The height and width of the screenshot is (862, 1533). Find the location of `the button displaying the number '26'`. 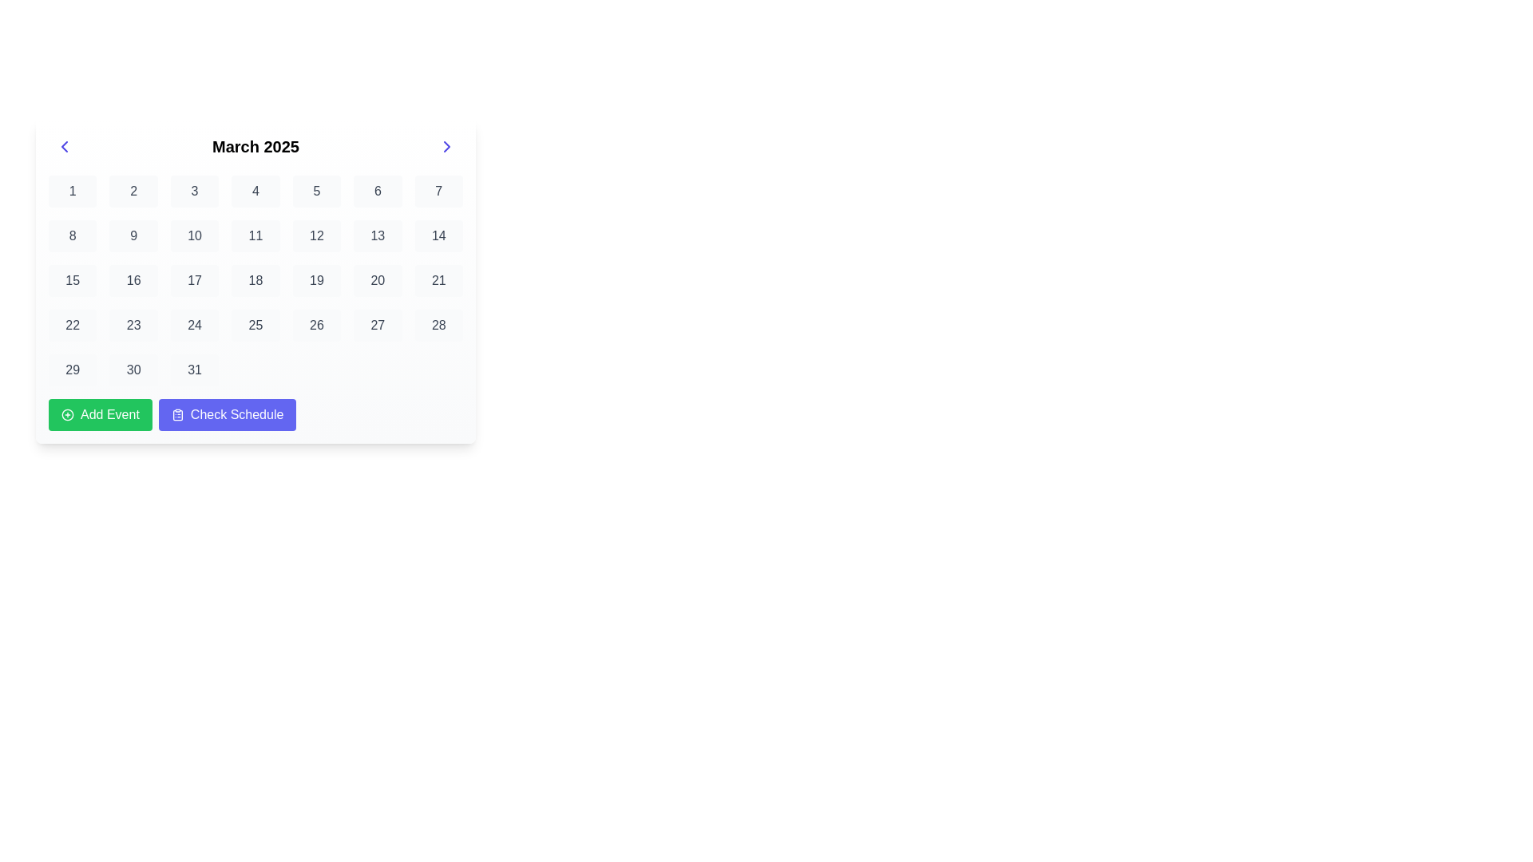

the button displaying the number '26' is located at coordinates (316, 325).